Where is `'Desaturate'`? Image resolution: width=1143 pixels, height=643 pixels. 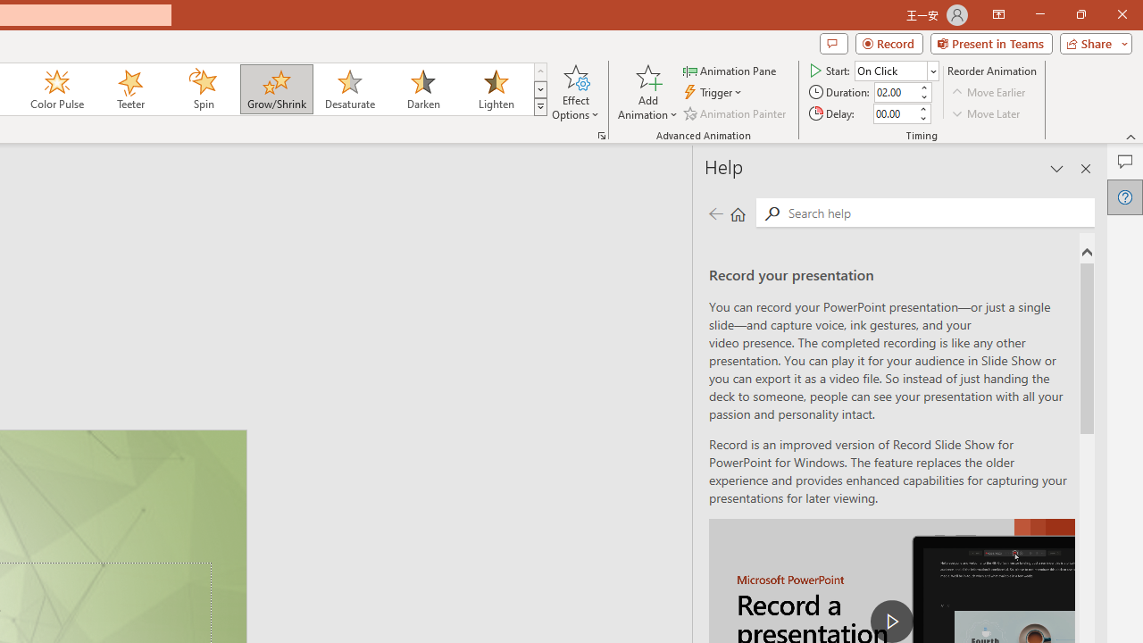 'Desaturate' is located at coordinates (349, 89).